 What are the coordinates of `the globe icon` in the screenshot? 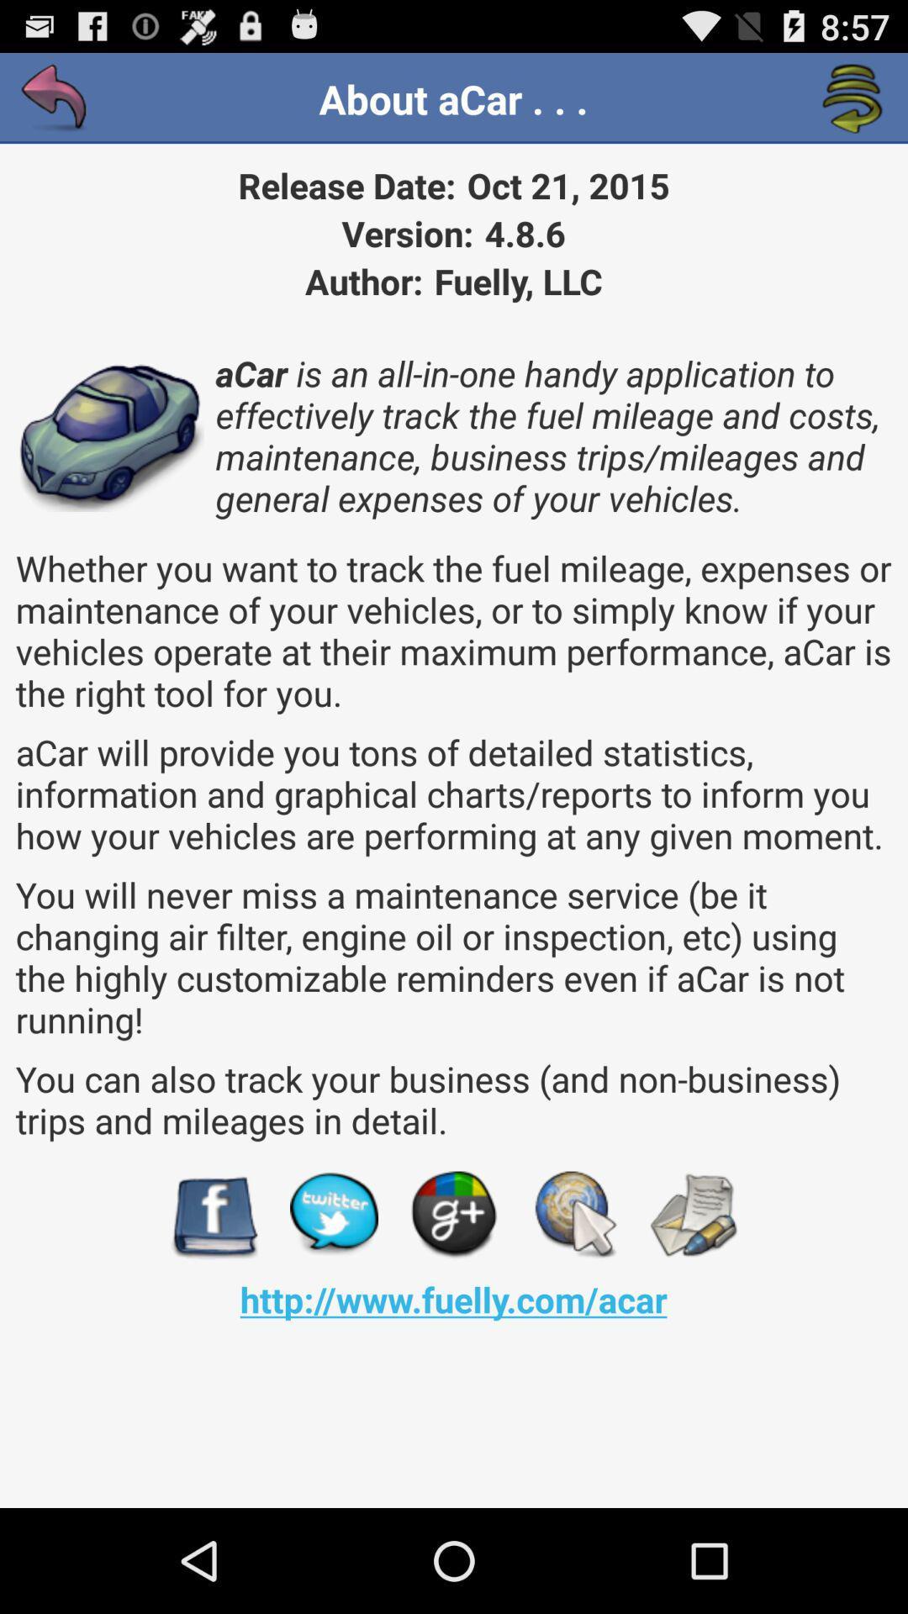 It's located at (573, 1300).